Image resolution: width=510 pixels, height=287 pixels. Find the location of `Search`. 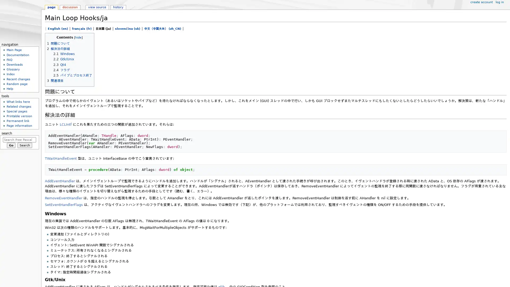

Search is located at coordinates (24, 145).